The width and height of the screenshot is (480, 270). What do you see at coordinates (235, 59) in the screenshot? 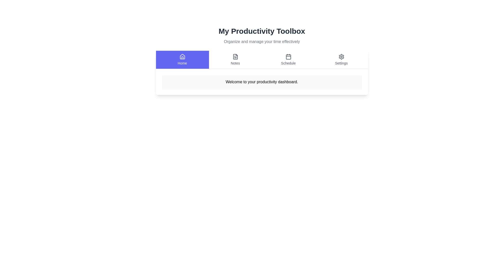
I see `the navigation item labeled 'Notes' which consists of a document icon above the text label` at bounding box center [235, 59].